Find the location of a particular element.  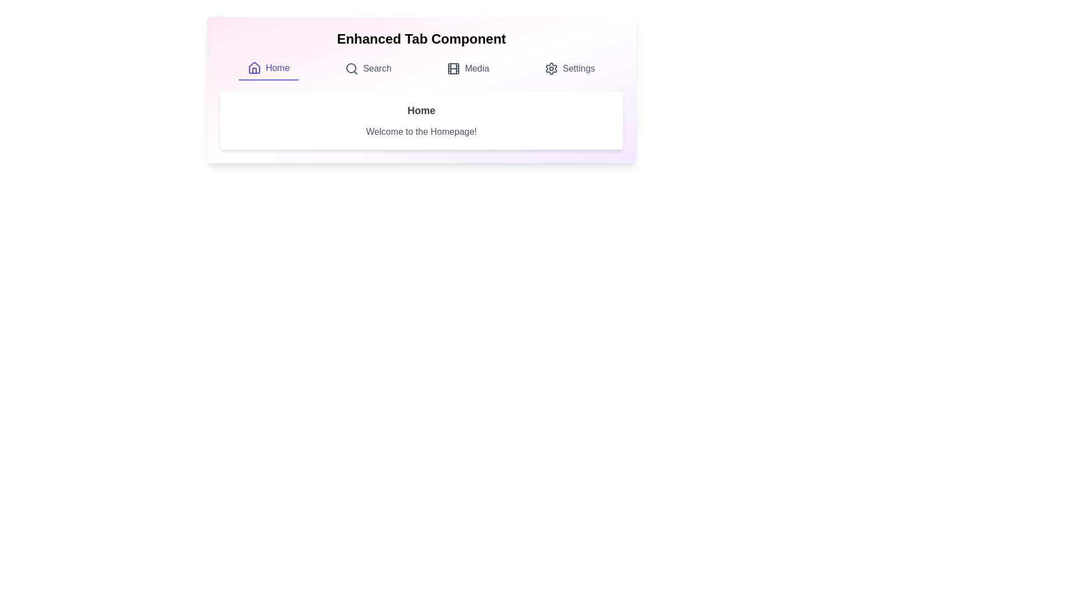

the tab labeled Search is located at coordinates (368, 69).